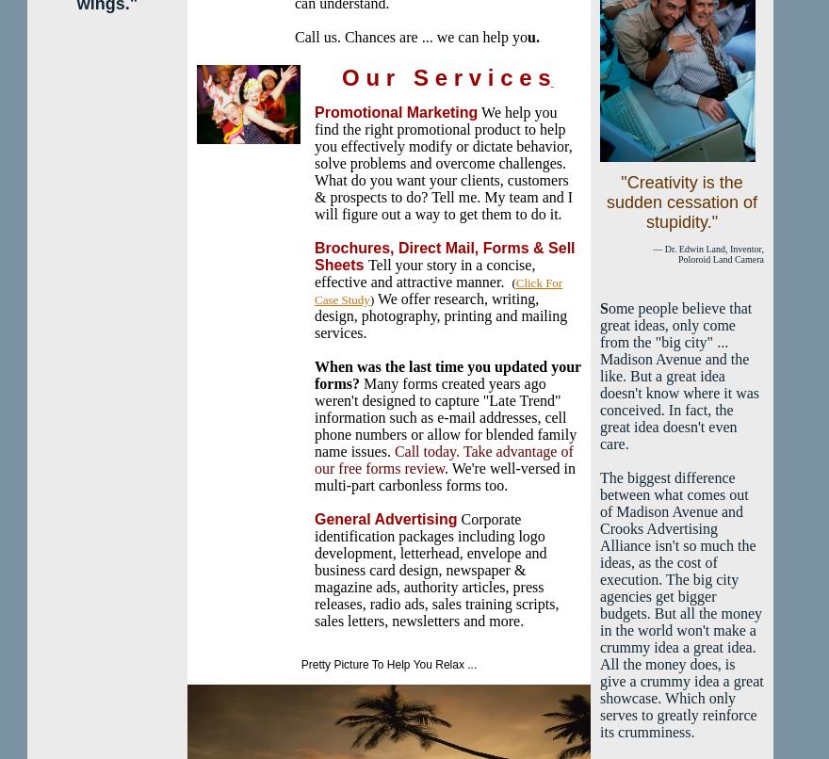 Image resolution: width=829 pixels, height=759 pixels. What do you see at coordinates (437, 291) in the screenshot?
I see `'Click For Case Study'` at bounding box center [437, 291].